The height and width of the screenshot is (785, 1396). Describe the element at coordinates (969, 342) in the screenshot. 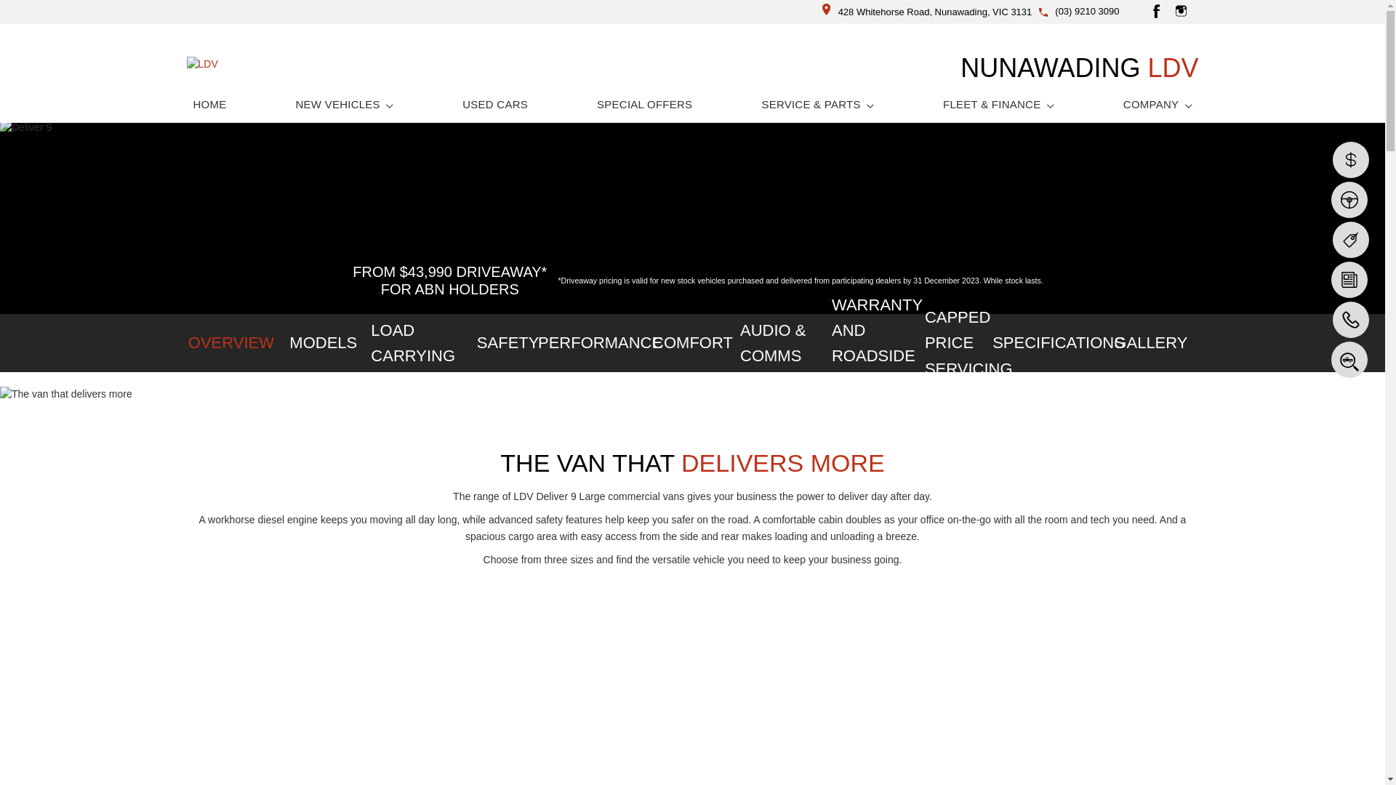

I see `'CAPPED PRICE SERVICING'` at that location.